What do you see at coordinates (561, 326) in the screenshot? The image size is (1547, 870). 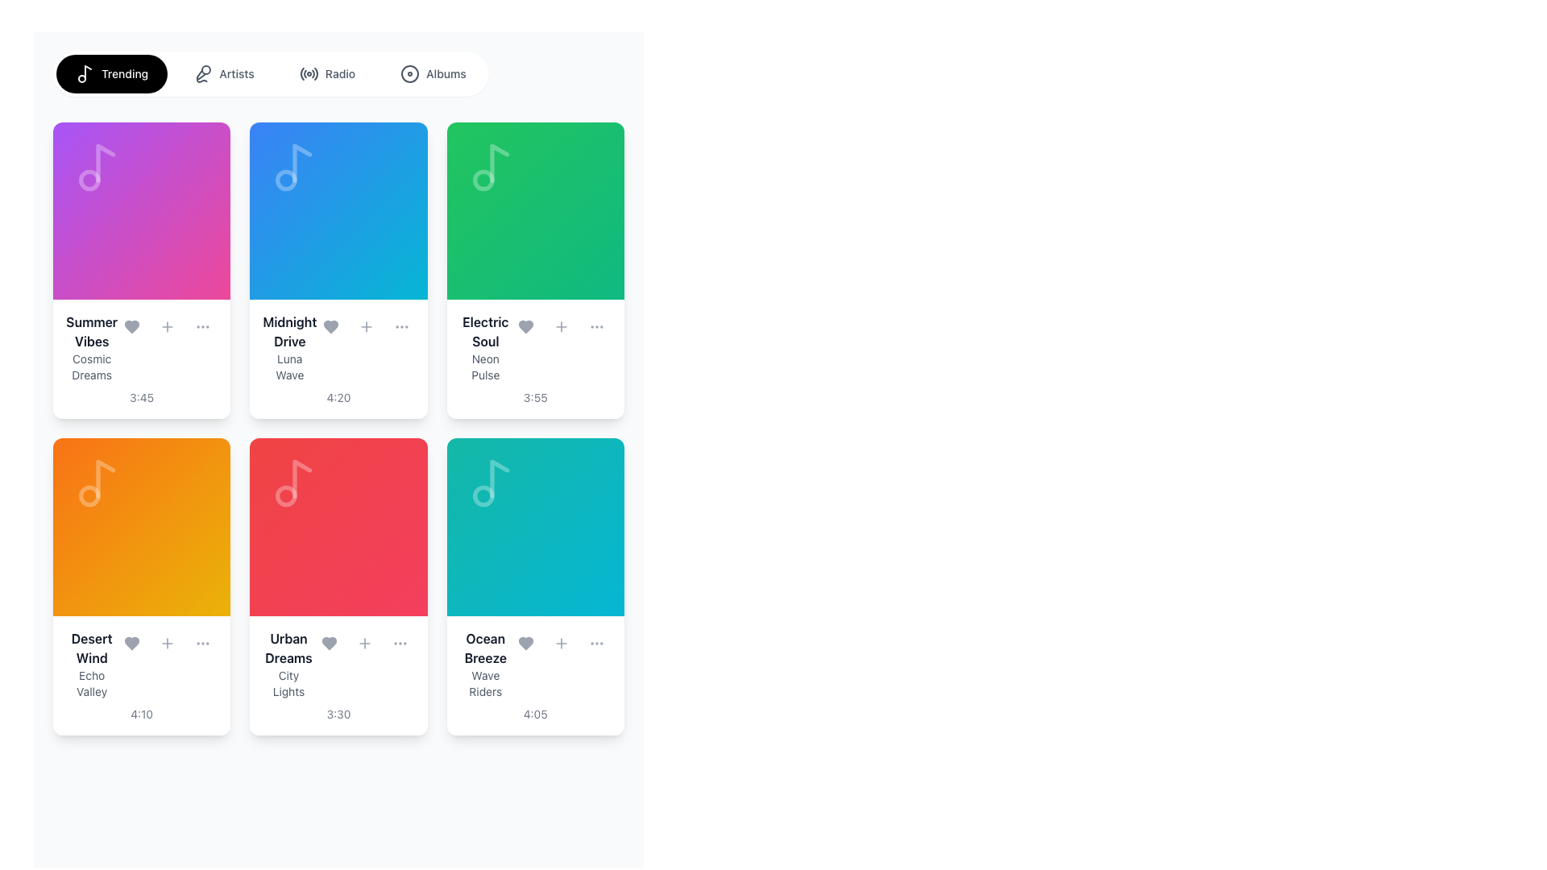 I see `the plus icon button located in the top-right corner of the 'Electric Soul' by 'Neon Pulse' card` at bounding box center [561, 326].